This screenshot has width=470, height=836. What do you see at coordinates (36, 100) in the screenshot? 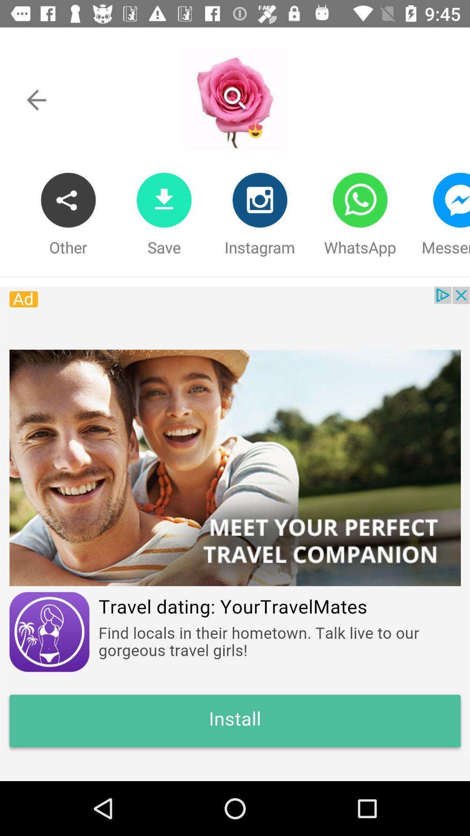
I see `back button` at bounding box center [36, 100].